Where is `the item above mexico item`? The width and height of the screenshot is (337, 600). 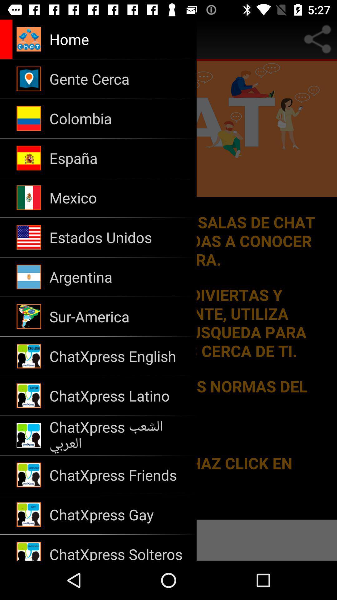
the item above mexico item is located at coordinates (119, 158).